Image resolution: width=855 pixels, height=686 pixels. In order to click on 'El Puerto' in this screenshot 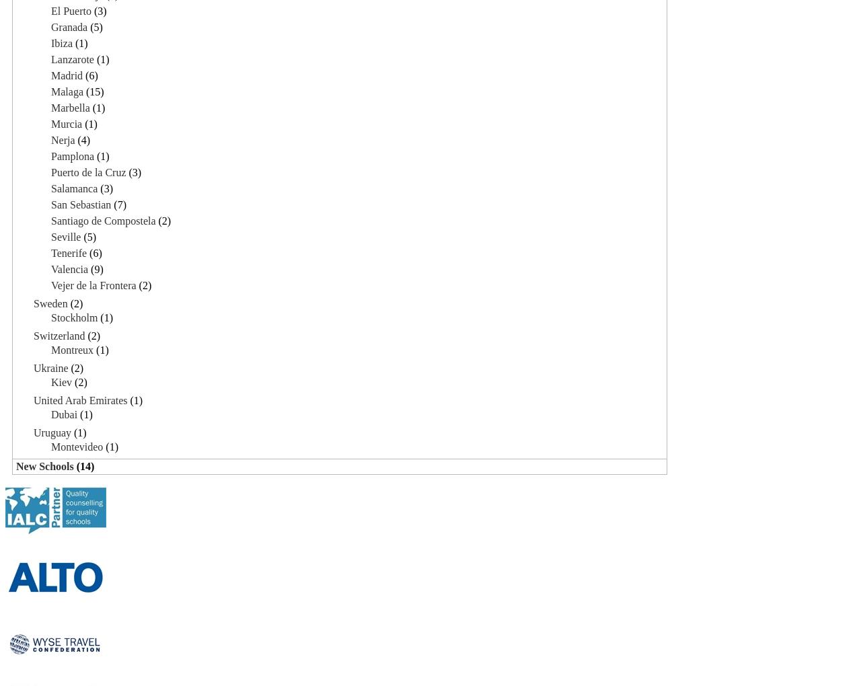, I will do `click(71, 9)`.